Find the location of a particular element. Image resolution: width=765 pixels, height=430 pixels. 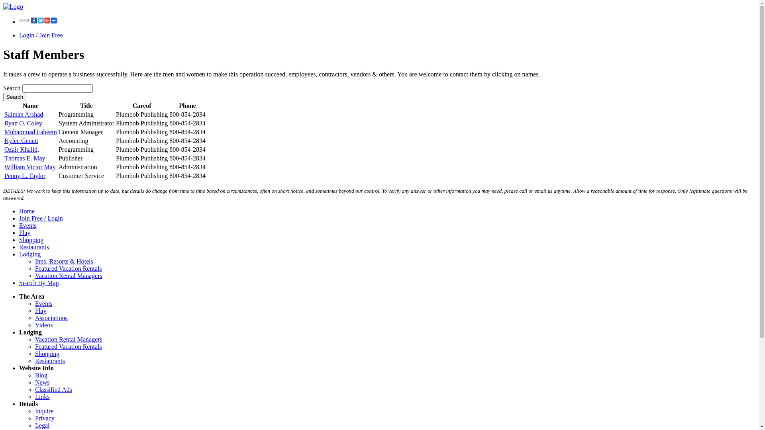

'Home' is located at coordinates (27, 211).